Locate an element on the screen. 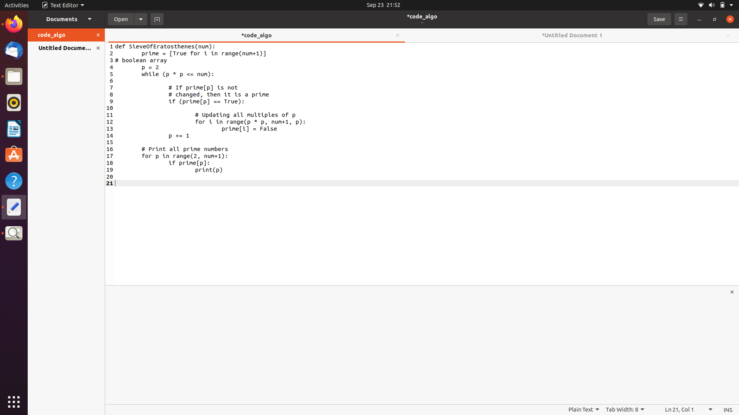 This screenshot has width=739, height=415. Start the file situated on the left panel is located at coordinates (120, 18).